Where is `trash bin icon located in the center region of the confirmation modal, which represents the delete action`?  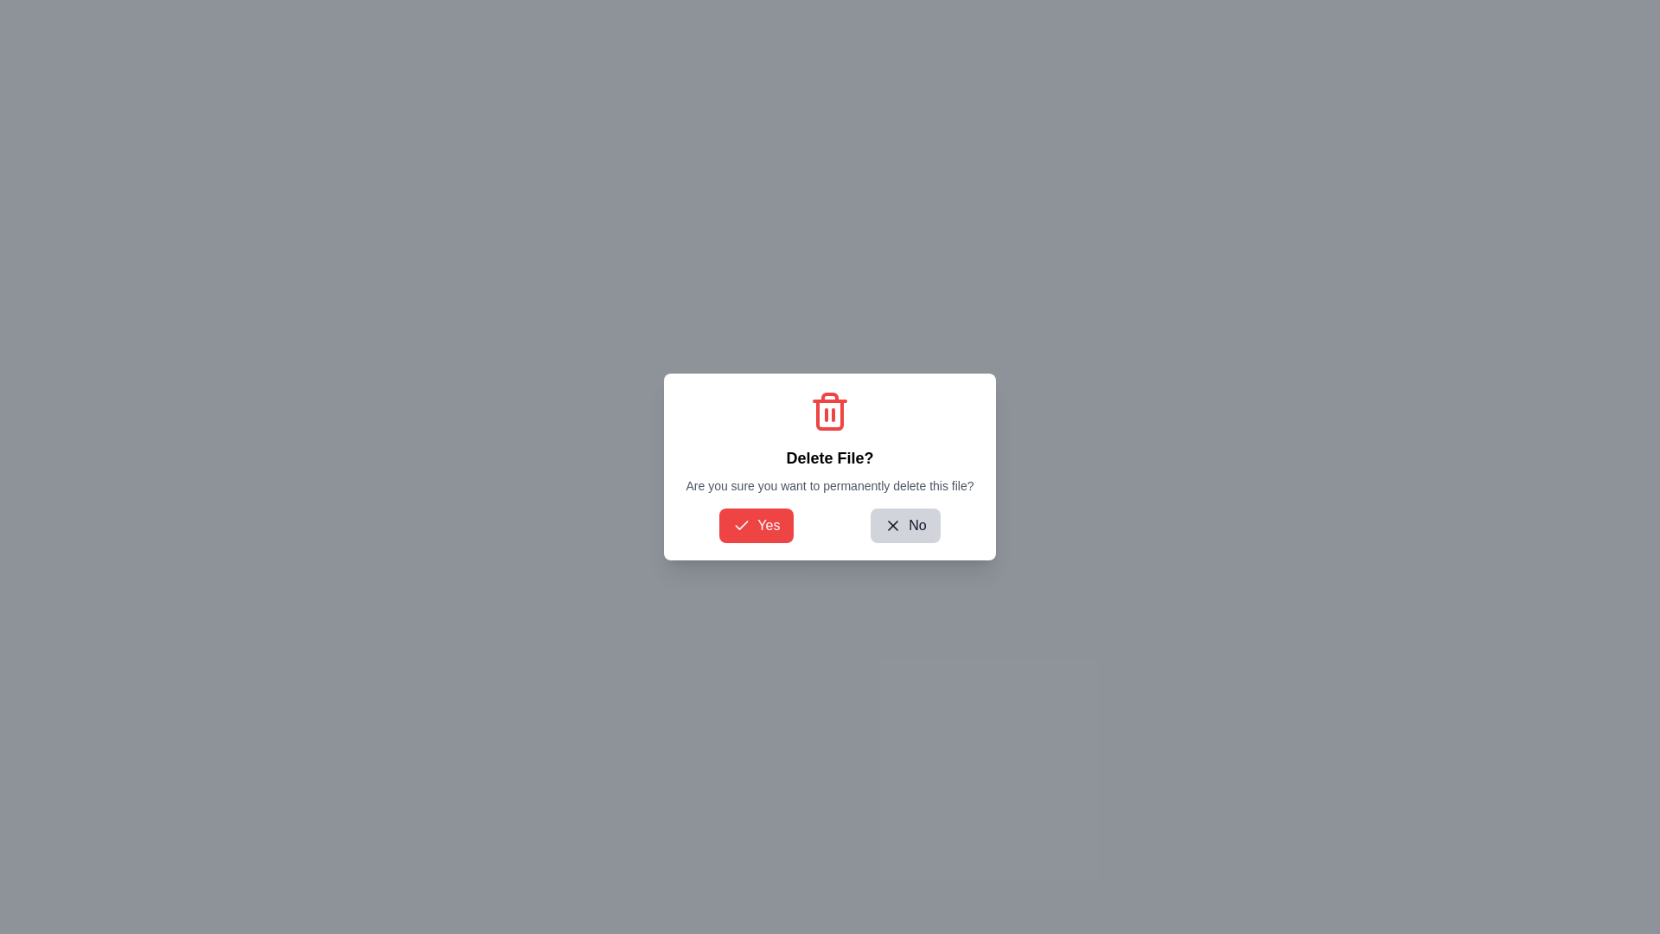 trash bin icon located in the center region of the confirmation modal, which represents the delete action is located at coordinates (830, 414).